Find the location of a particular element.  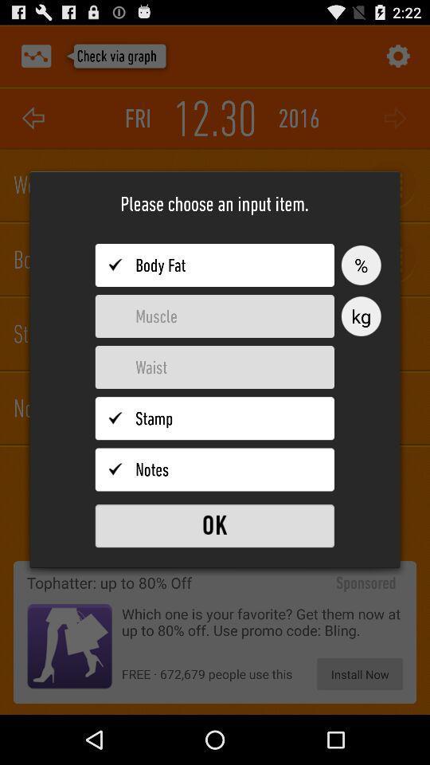

the item below the % item is located at coordinates (361, 316).